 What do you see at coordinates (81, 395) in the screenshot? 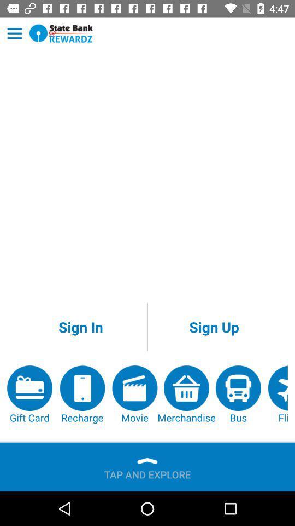
I see `the recharge icon` at bounding box center [81, 395].